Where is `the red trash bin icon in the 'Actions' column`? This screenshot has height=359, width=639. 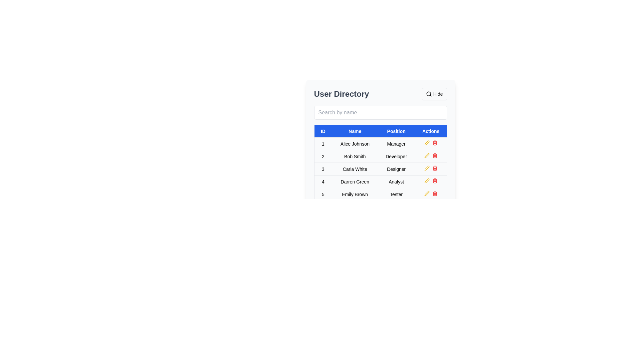 the red trash bin icon in the 'Actions' column is located at coordinates (435, 168).